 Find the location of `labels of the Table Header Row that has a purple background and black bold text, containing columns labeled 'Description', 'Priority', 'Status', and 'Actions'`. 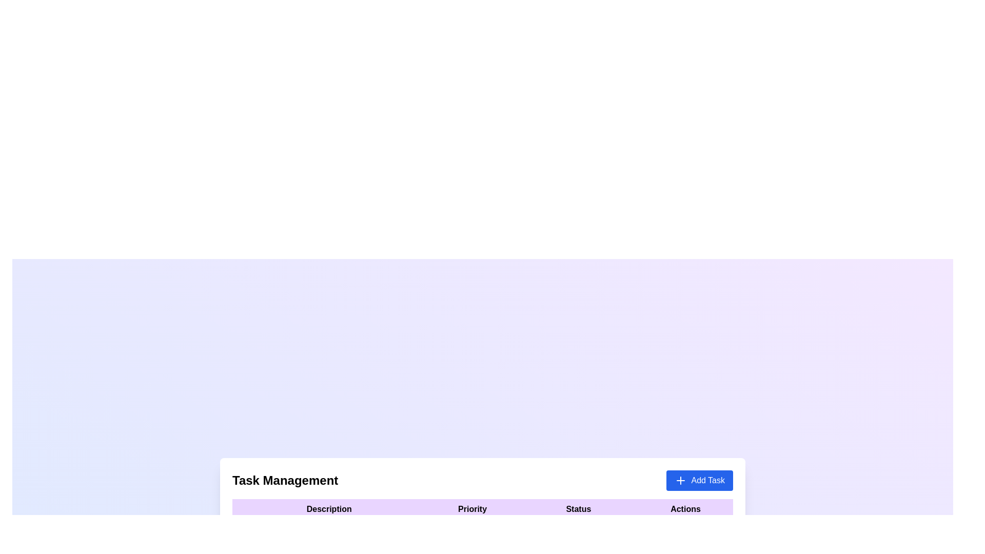

labels of the Table Header Row that has a purple background and black bold text, containing columns labeled 'Description', 'Priority', 'Status', and 'Actions' is located at coordinates (482, 509).